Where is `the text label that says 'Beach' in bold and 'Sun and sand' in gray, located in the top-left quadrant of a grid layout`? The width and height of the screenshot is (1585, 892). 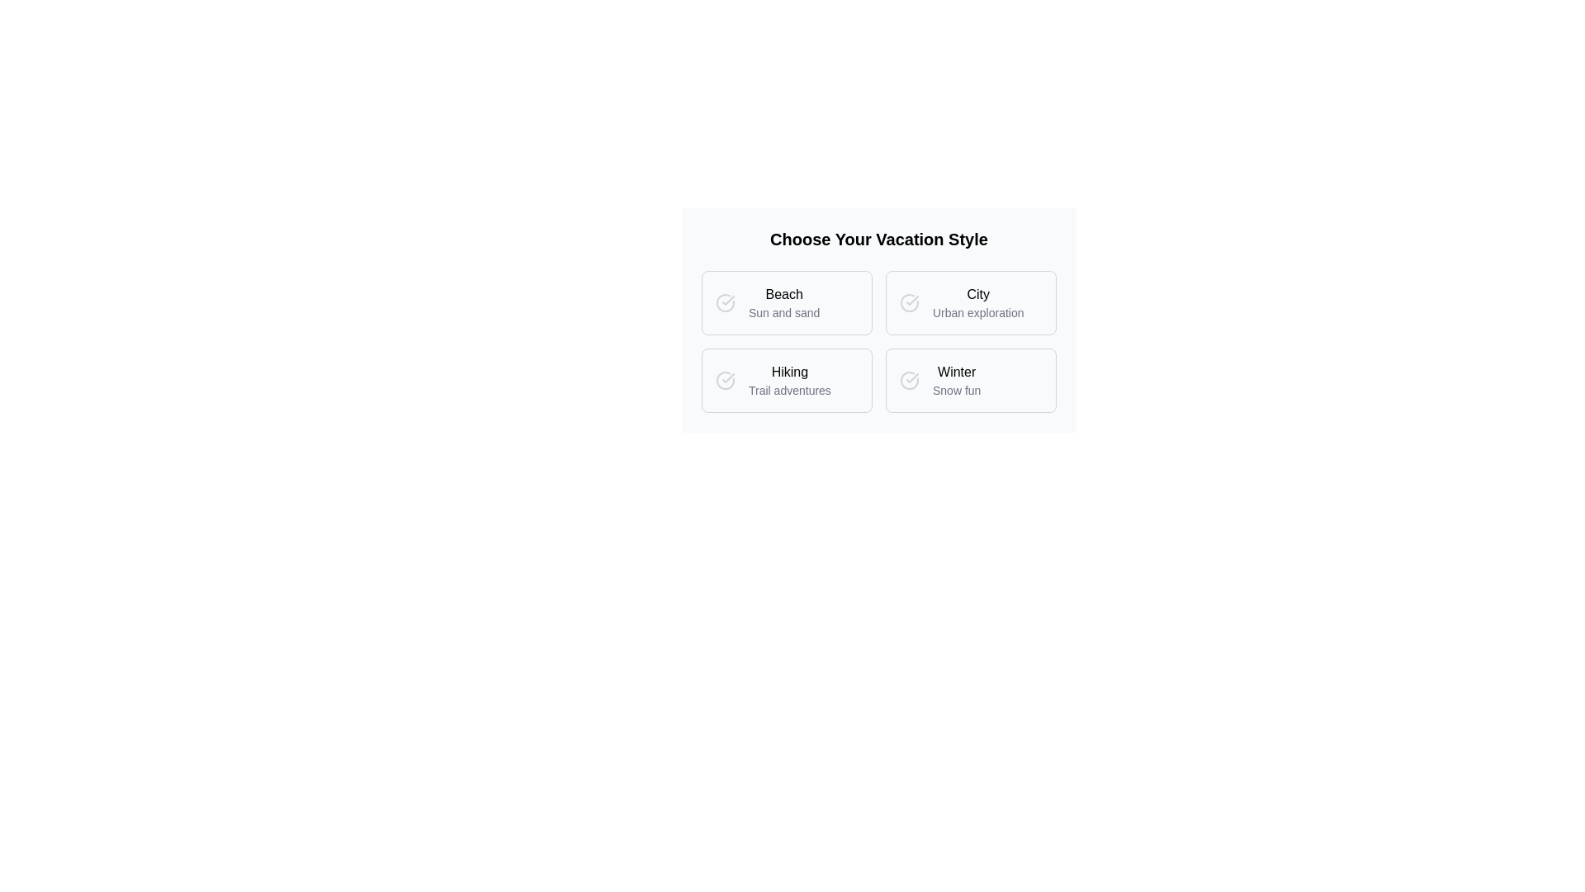
the text label that says 'Beach' in bold and 'Sun and sand' in gray, located in the top-left quadrant of a grid layout is located at coordinates (783, 302).